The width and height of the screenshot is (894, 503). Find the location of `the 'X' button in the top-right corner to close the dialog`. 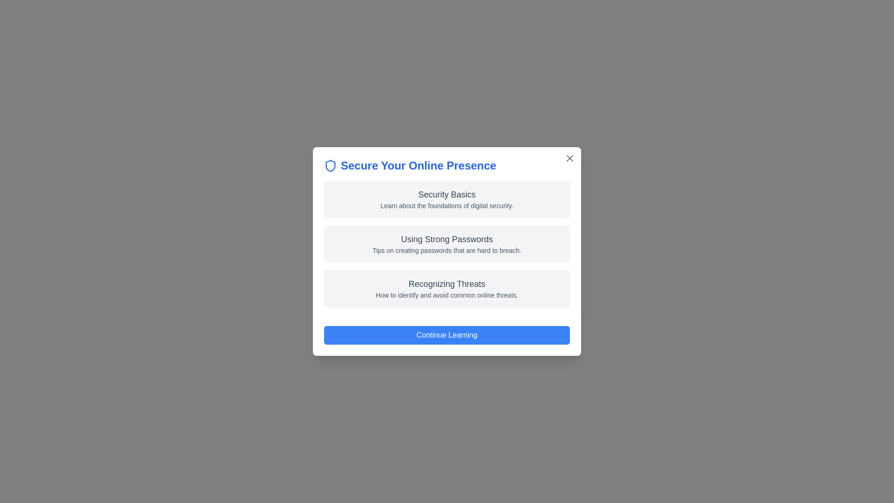

the 'X' button in the top-right corner to close the dialog is located at coordinates (569, 157).